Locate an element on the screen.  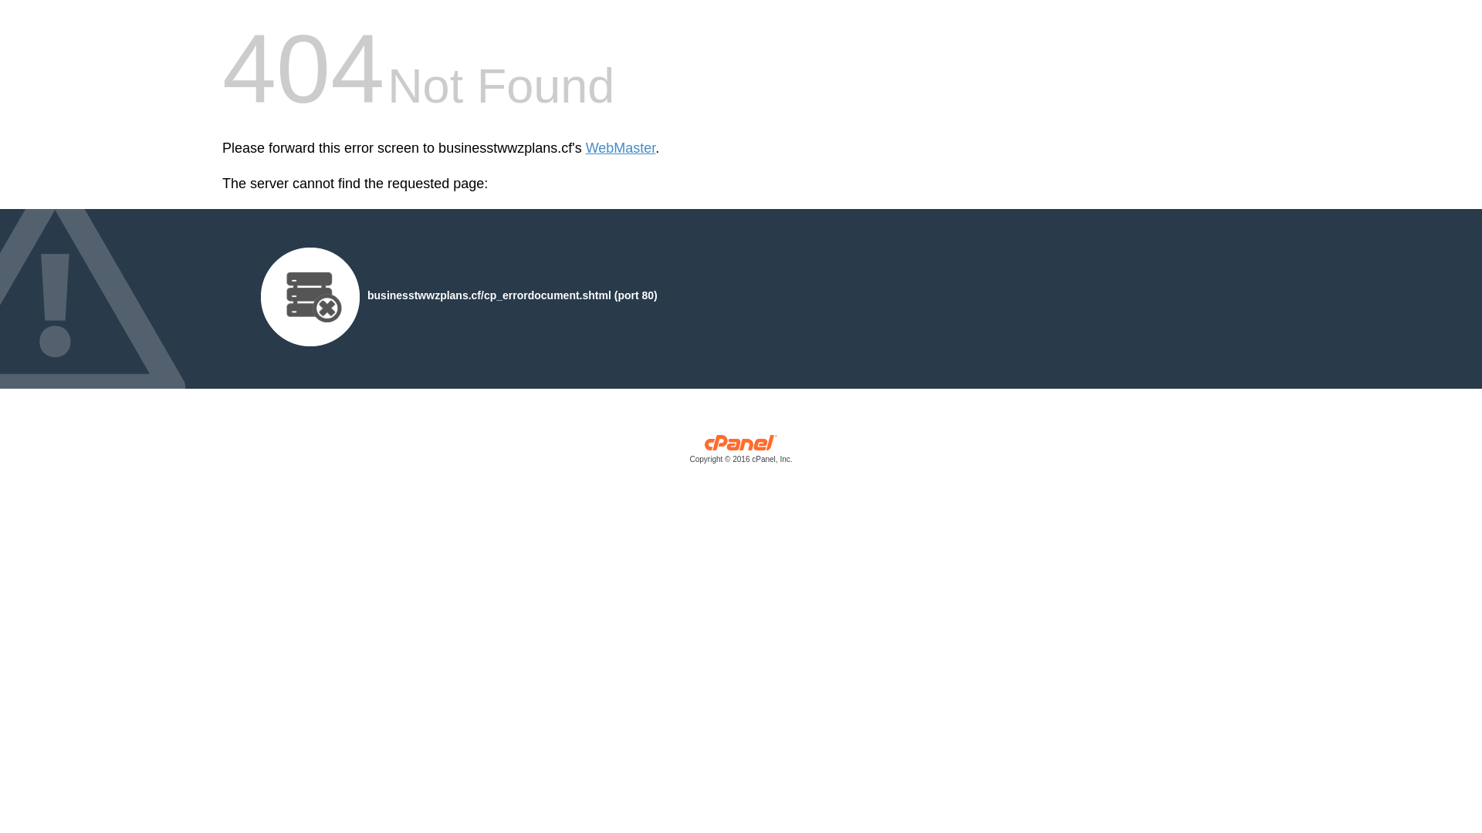
'WebMaster' is located at coordinates (621, 148).